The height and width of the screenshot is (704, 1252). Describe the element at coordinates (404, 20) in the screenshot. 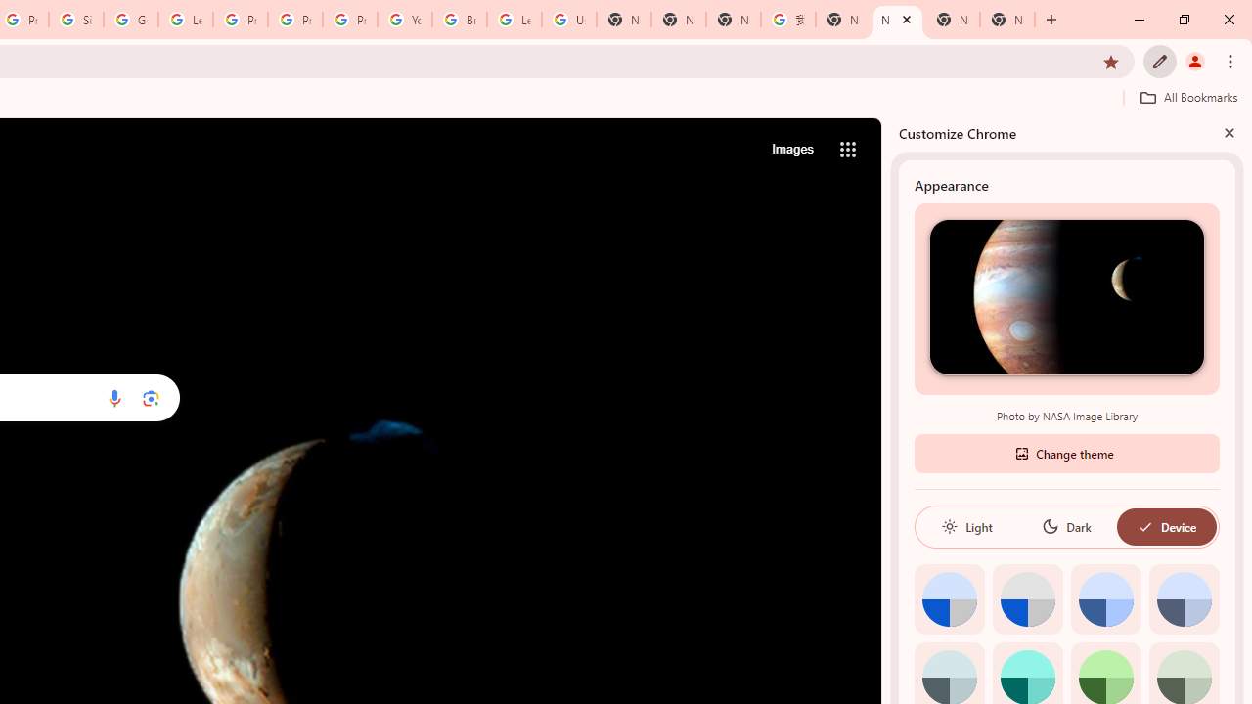

I see `'YouTube'` at that location.